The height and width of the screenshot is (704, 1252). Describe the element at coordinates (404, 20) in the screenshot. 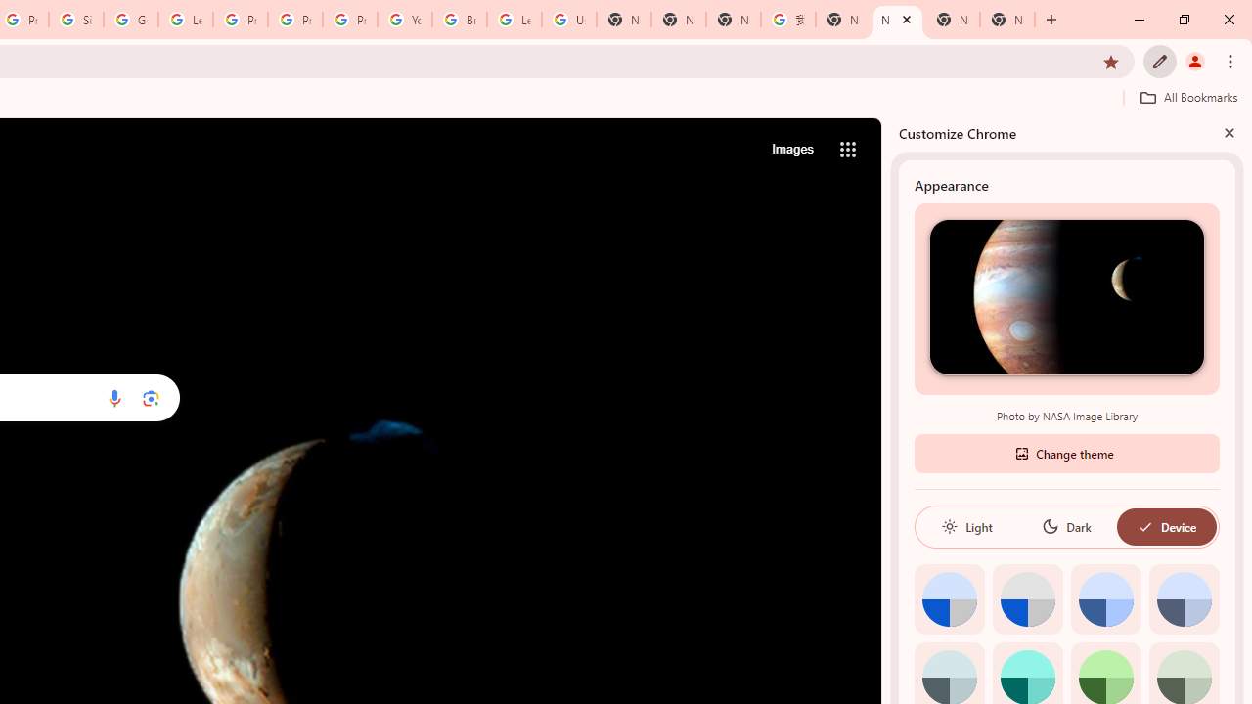

I see `'YouTube'` at that location.